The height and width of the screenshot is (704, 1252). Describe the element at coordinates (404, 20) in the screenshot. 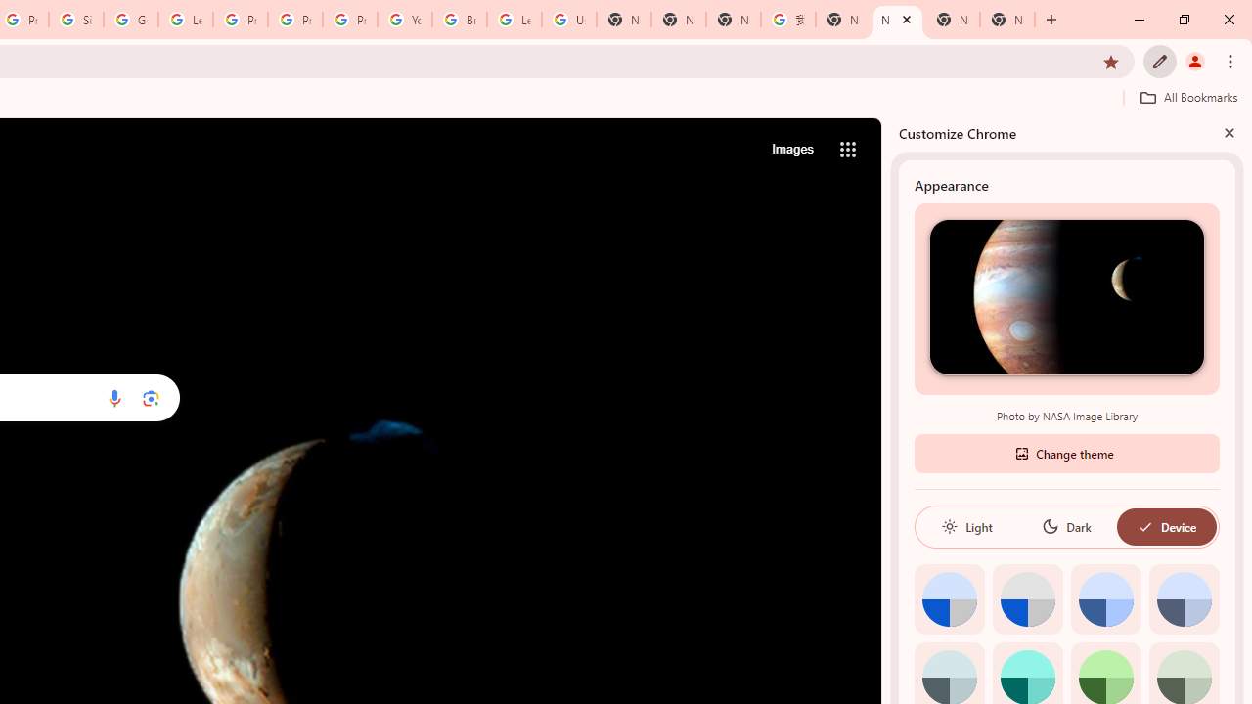

I see `'YouTube'` at that location.